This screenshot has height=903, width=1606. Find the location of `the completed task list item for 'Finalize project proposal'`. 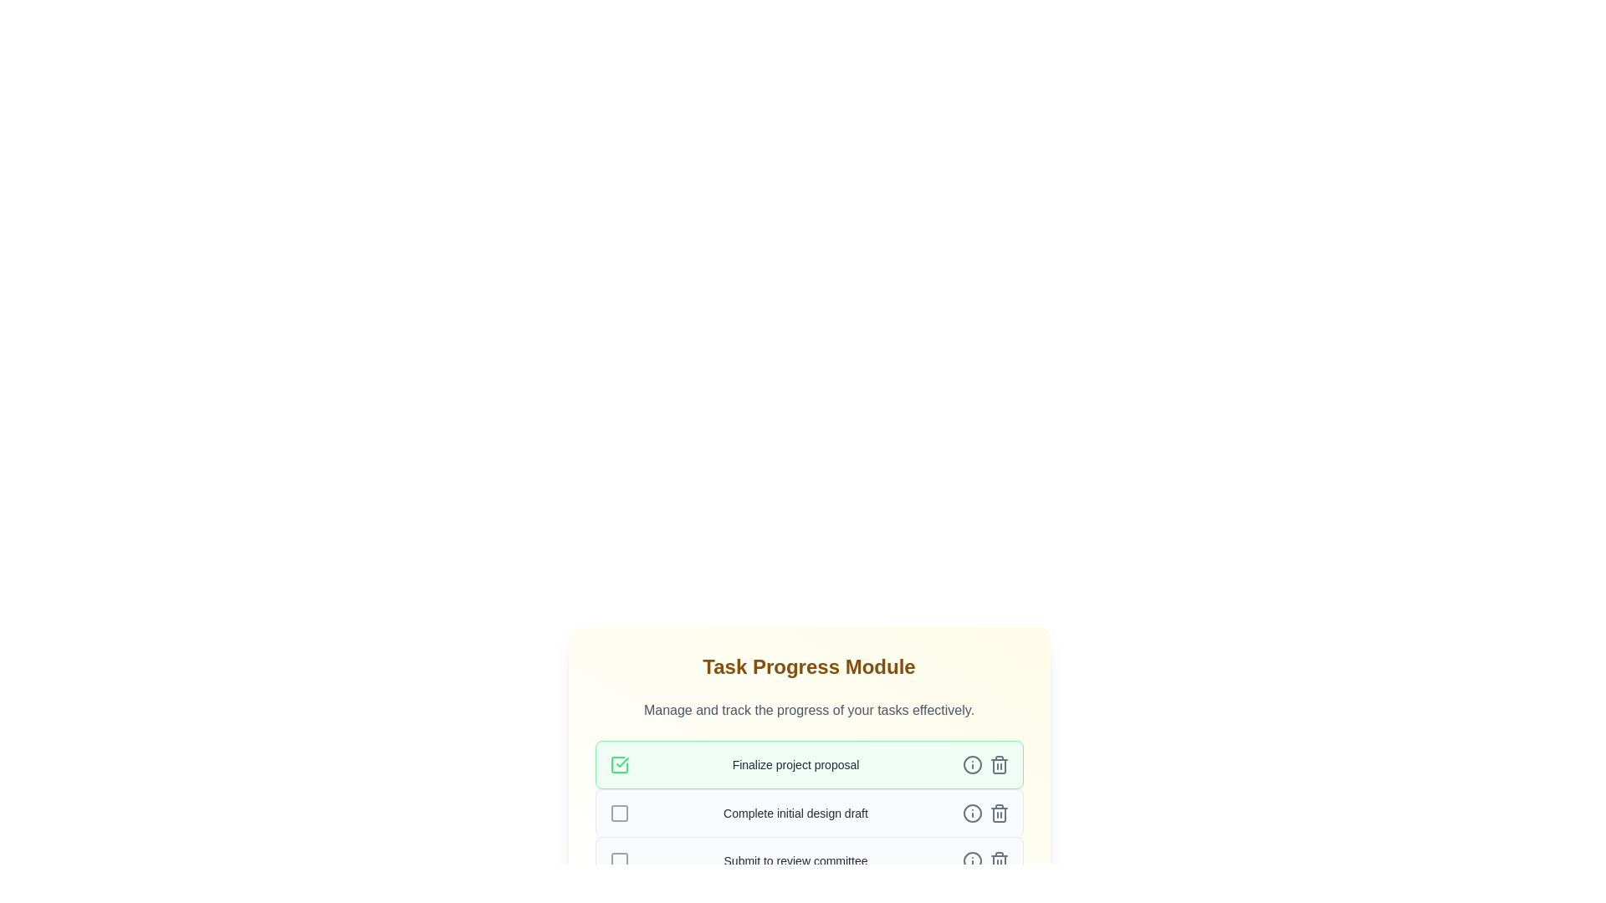

the completed task list item for 'Finalize project proposal' is located at coordinates (809, 764).